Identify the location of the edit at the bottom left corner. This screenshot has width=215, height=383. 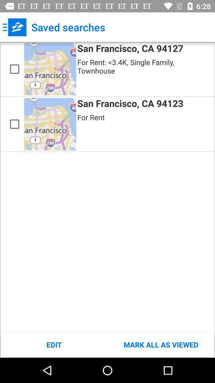
(54, 344).